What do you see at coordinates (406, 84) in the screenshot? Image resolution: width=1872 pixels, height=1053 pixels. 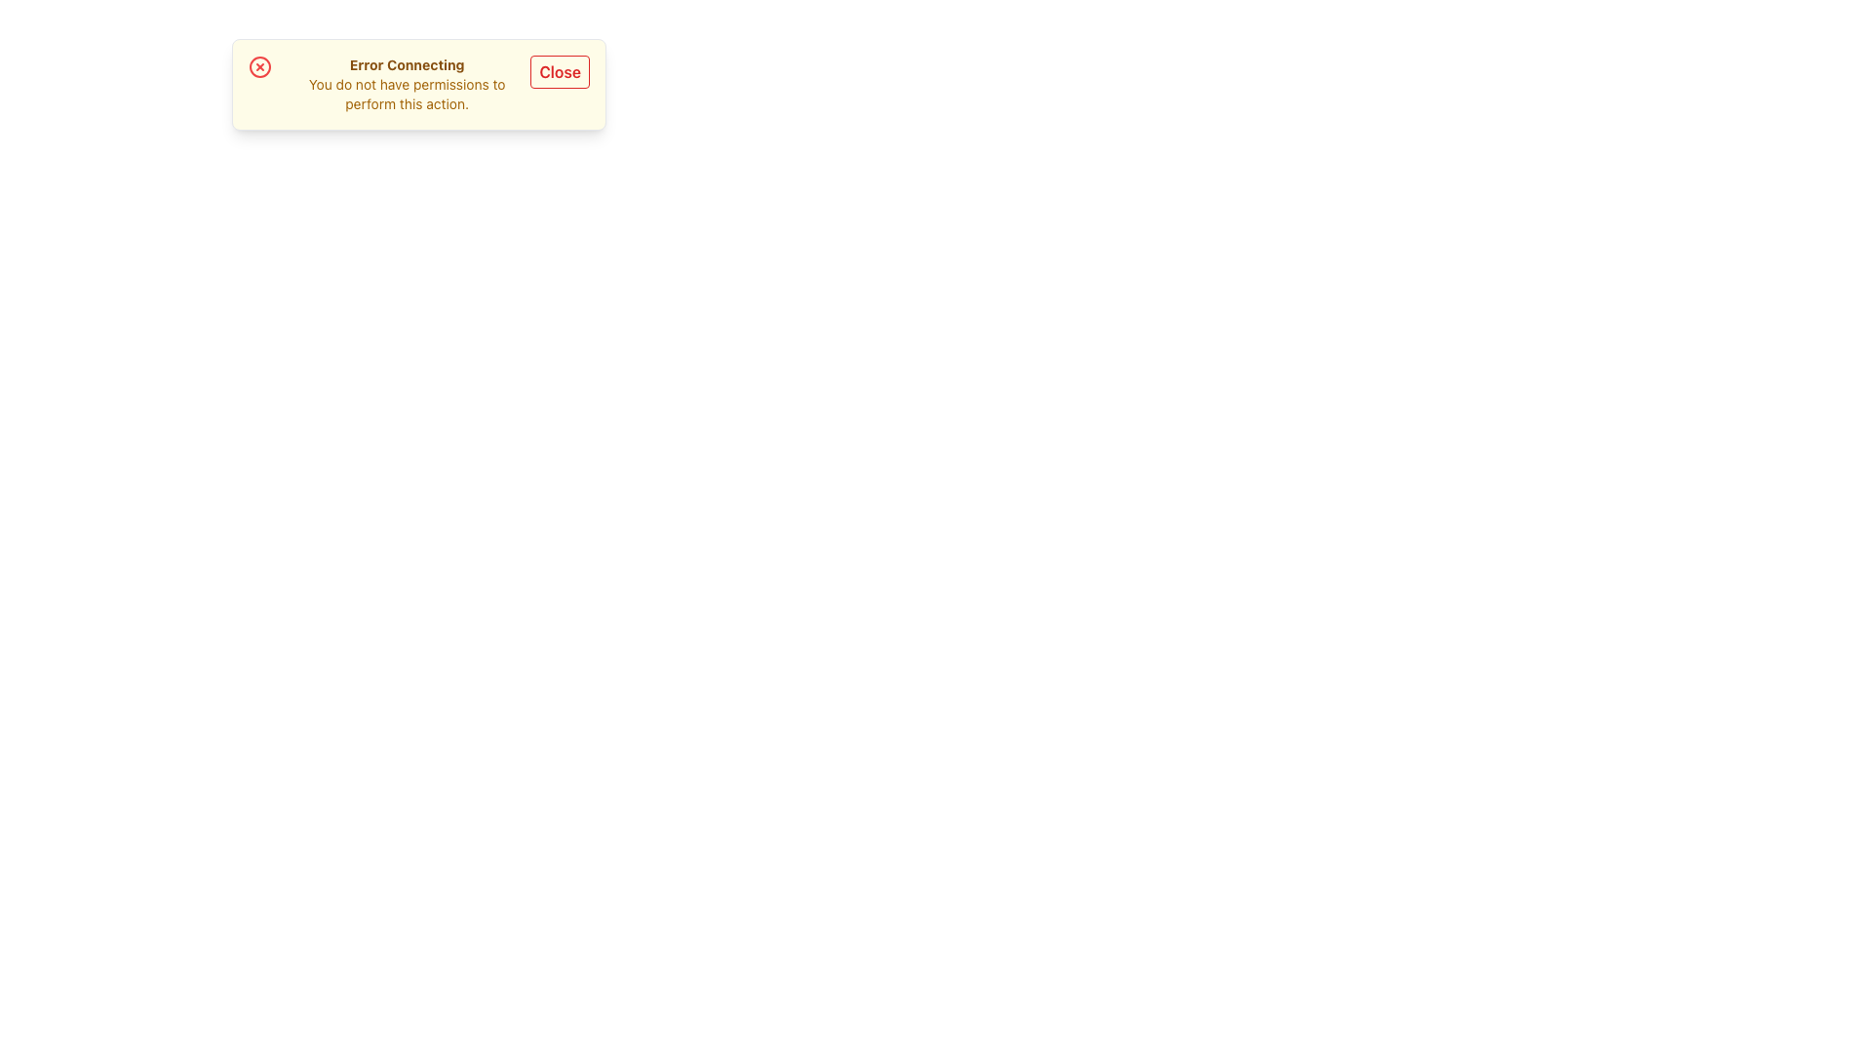 I see `the text label that informs the user about an error related to insufficient permissions, located within a notification box with a pale yellow background and rounded borders` at bounding box center [406, 84].